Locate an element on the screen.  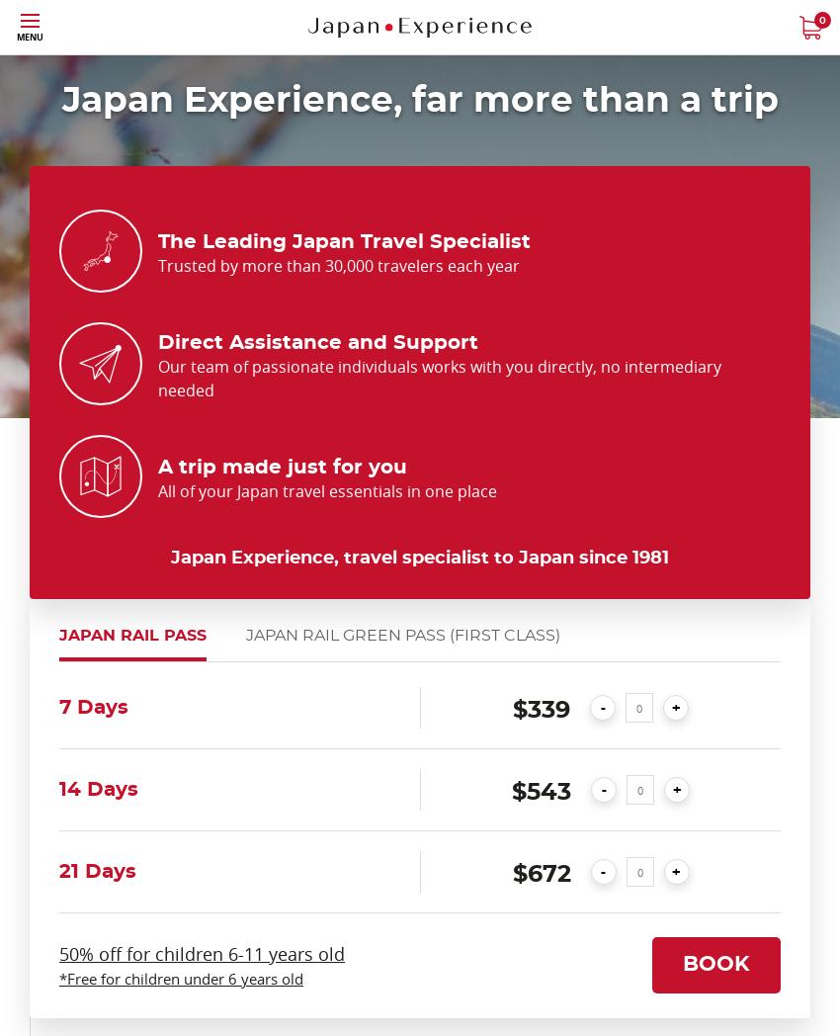
'A trip made just for you' is located at coordinates (282, 466).